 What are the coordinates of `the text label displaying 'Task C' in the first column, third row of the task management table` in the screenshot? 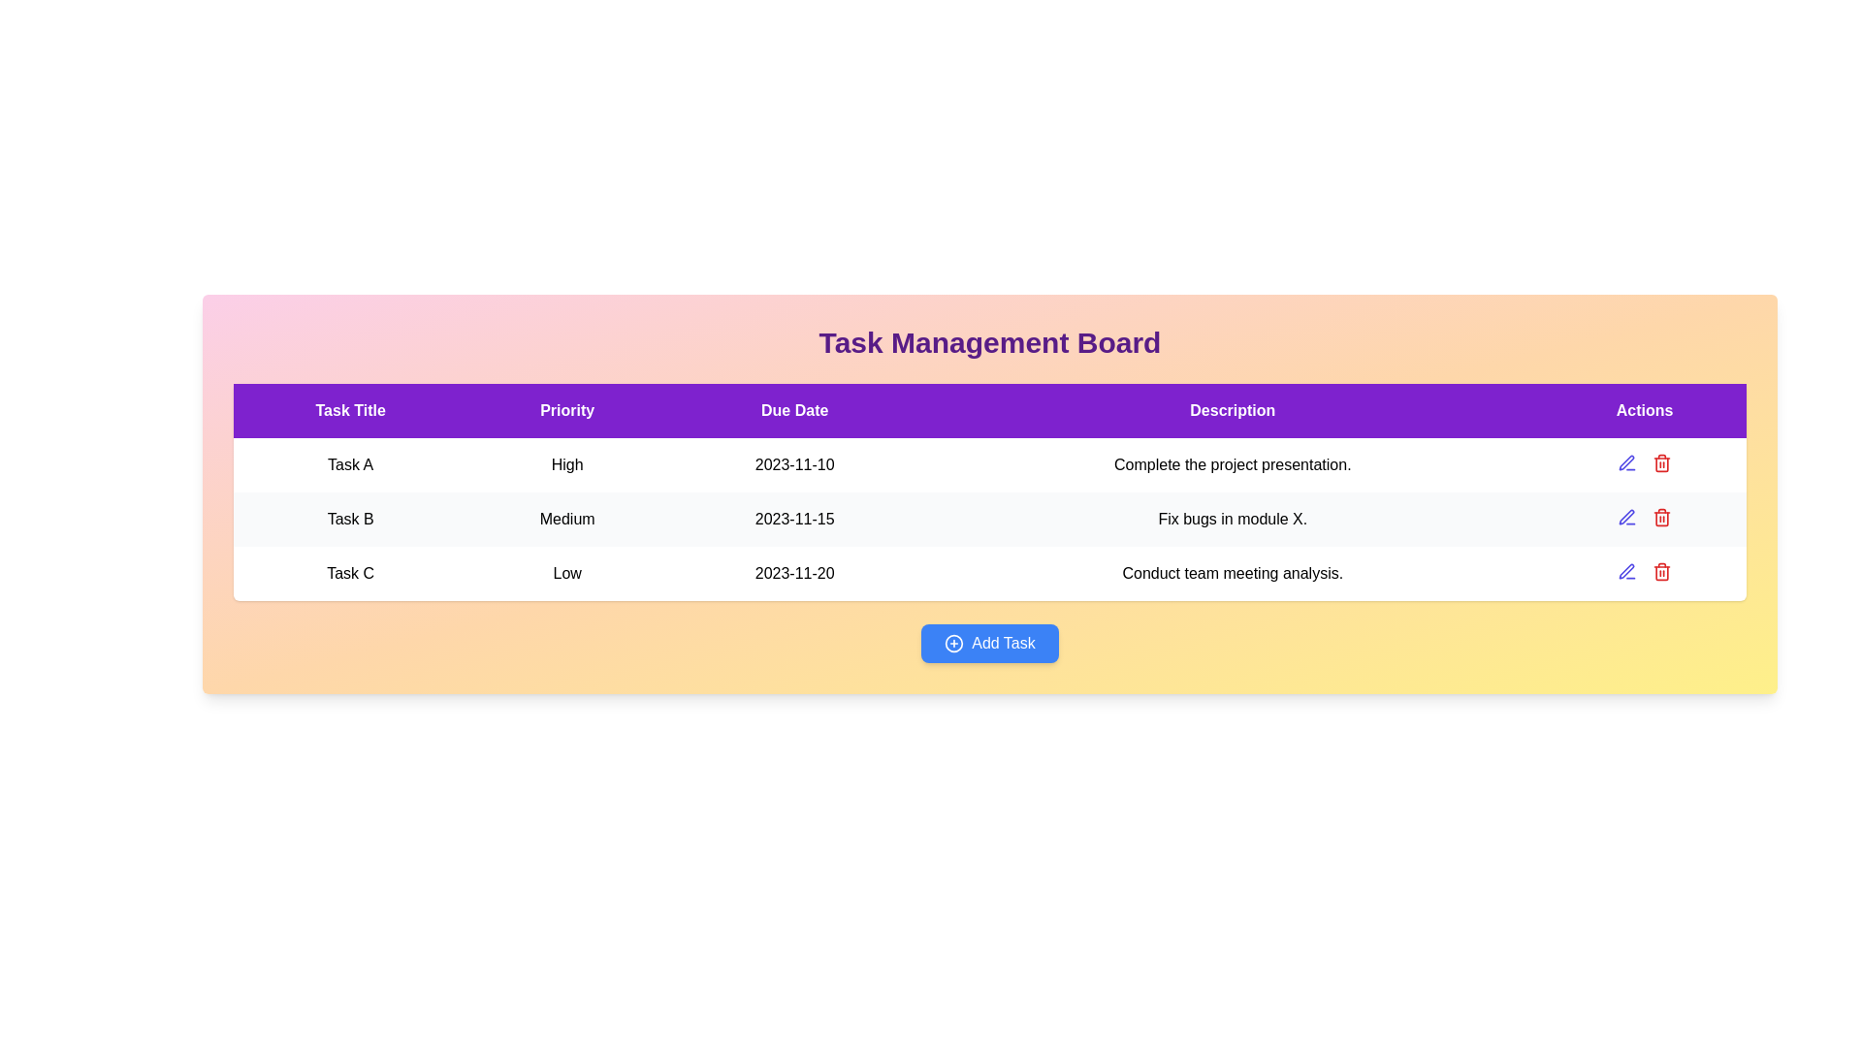 It's located at (350, 572).